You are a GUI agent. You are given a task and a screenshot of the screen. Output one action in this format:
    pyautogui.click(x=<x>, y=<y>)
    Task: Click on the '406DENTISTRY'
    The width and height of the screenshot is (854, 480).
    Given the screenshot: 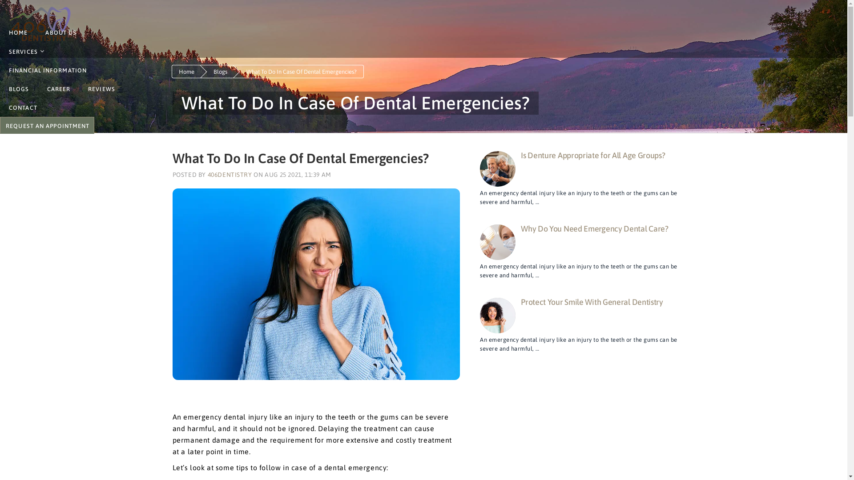 What is the action you would take?
    pyautogui.click(x=229, y=175)
    